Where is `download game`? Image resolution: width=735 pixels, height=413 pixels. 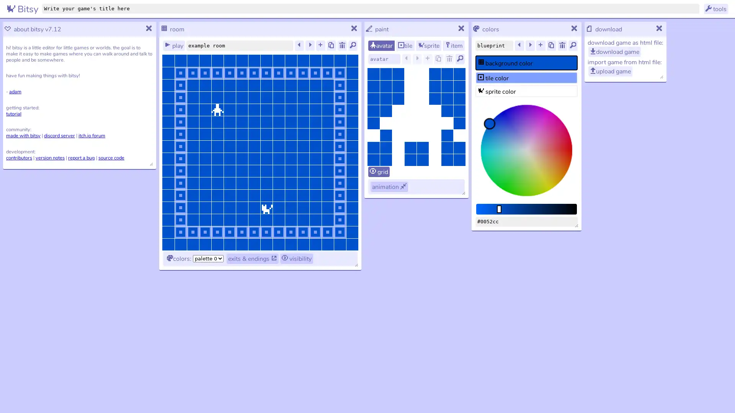
download game is located at coordinates (614, 52).